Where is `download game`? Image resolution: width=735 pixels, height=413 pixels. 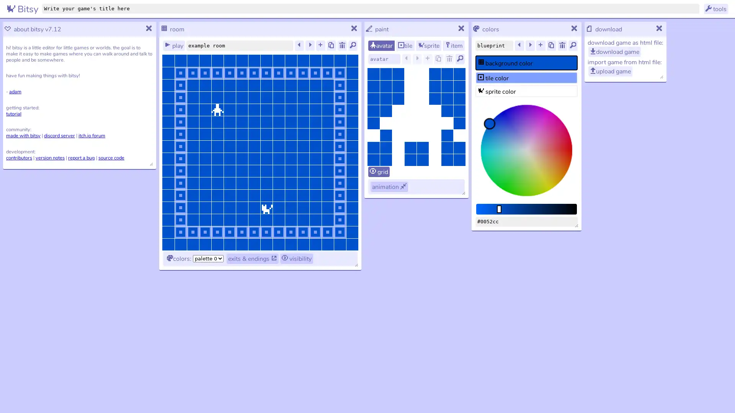
download game is located at coordinates (614, 52).